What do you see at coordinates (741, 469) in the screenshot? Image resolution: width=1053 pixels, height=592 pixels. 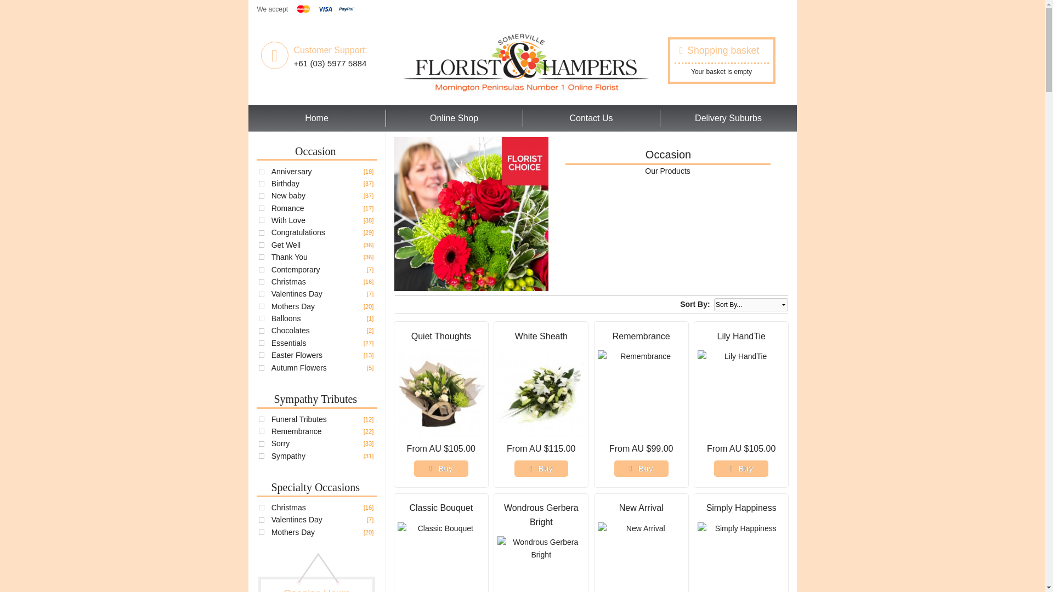 I see `'  Buy'` at bounding box center [741, 469].